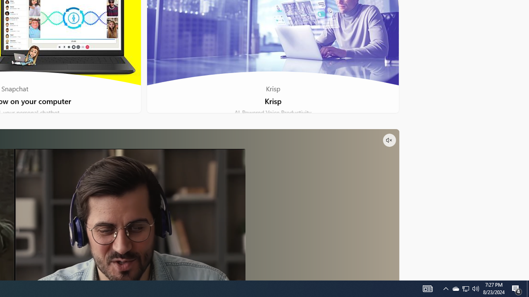 The width and height of the screenshot is (529, 297). I want to click on 'Unmute', so click(388, 139).